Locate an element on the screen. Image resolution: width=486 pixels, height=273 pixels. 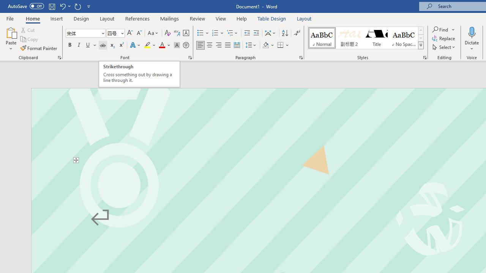
'Undo Text Fill Effect' is located at coordinates (62, 6).